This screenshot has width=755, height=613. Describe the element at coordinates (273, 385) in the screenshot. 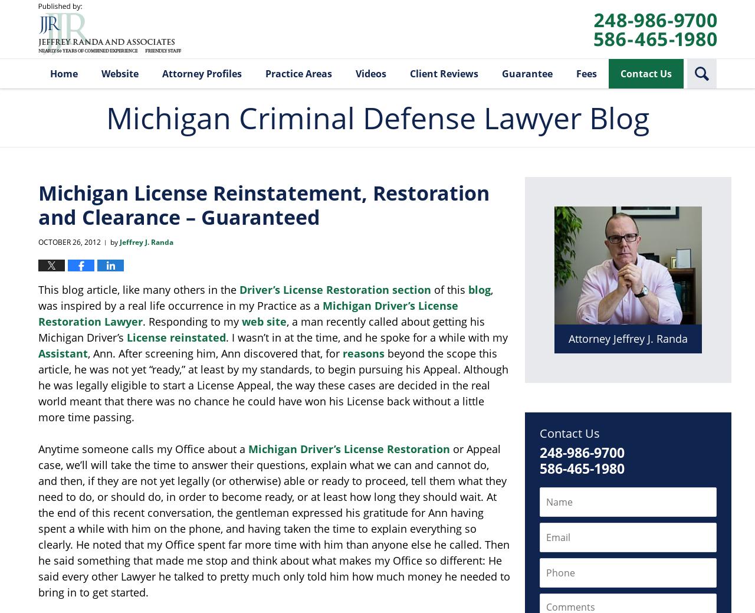

I see `'beyond the scope this article, he was not yet “ready,” at least by my standards, to begin pursuing his Appeal.  Although he was legally eligible to start a License Appeal, the way these cases are decided in the real world meant that there was no chance he could have won his License back without a little more time passing.'` at that location.